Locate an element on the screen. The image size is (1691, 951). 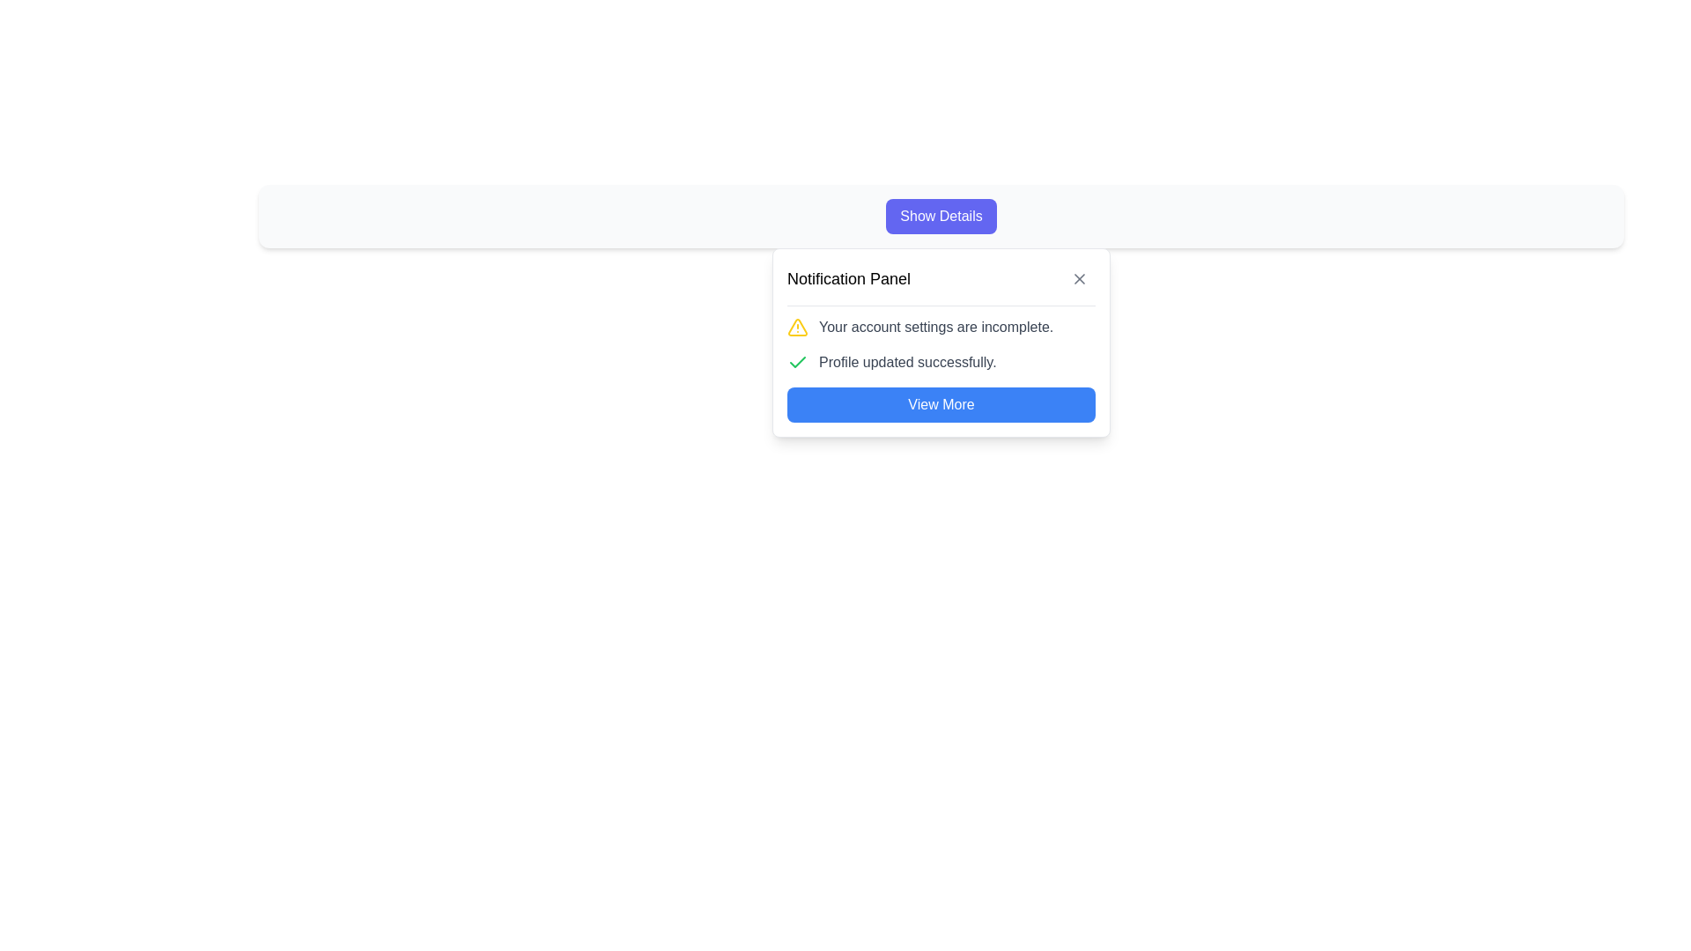
the close icon located in the top-right corner of the notification panel is located at coordinates (1078, 277).